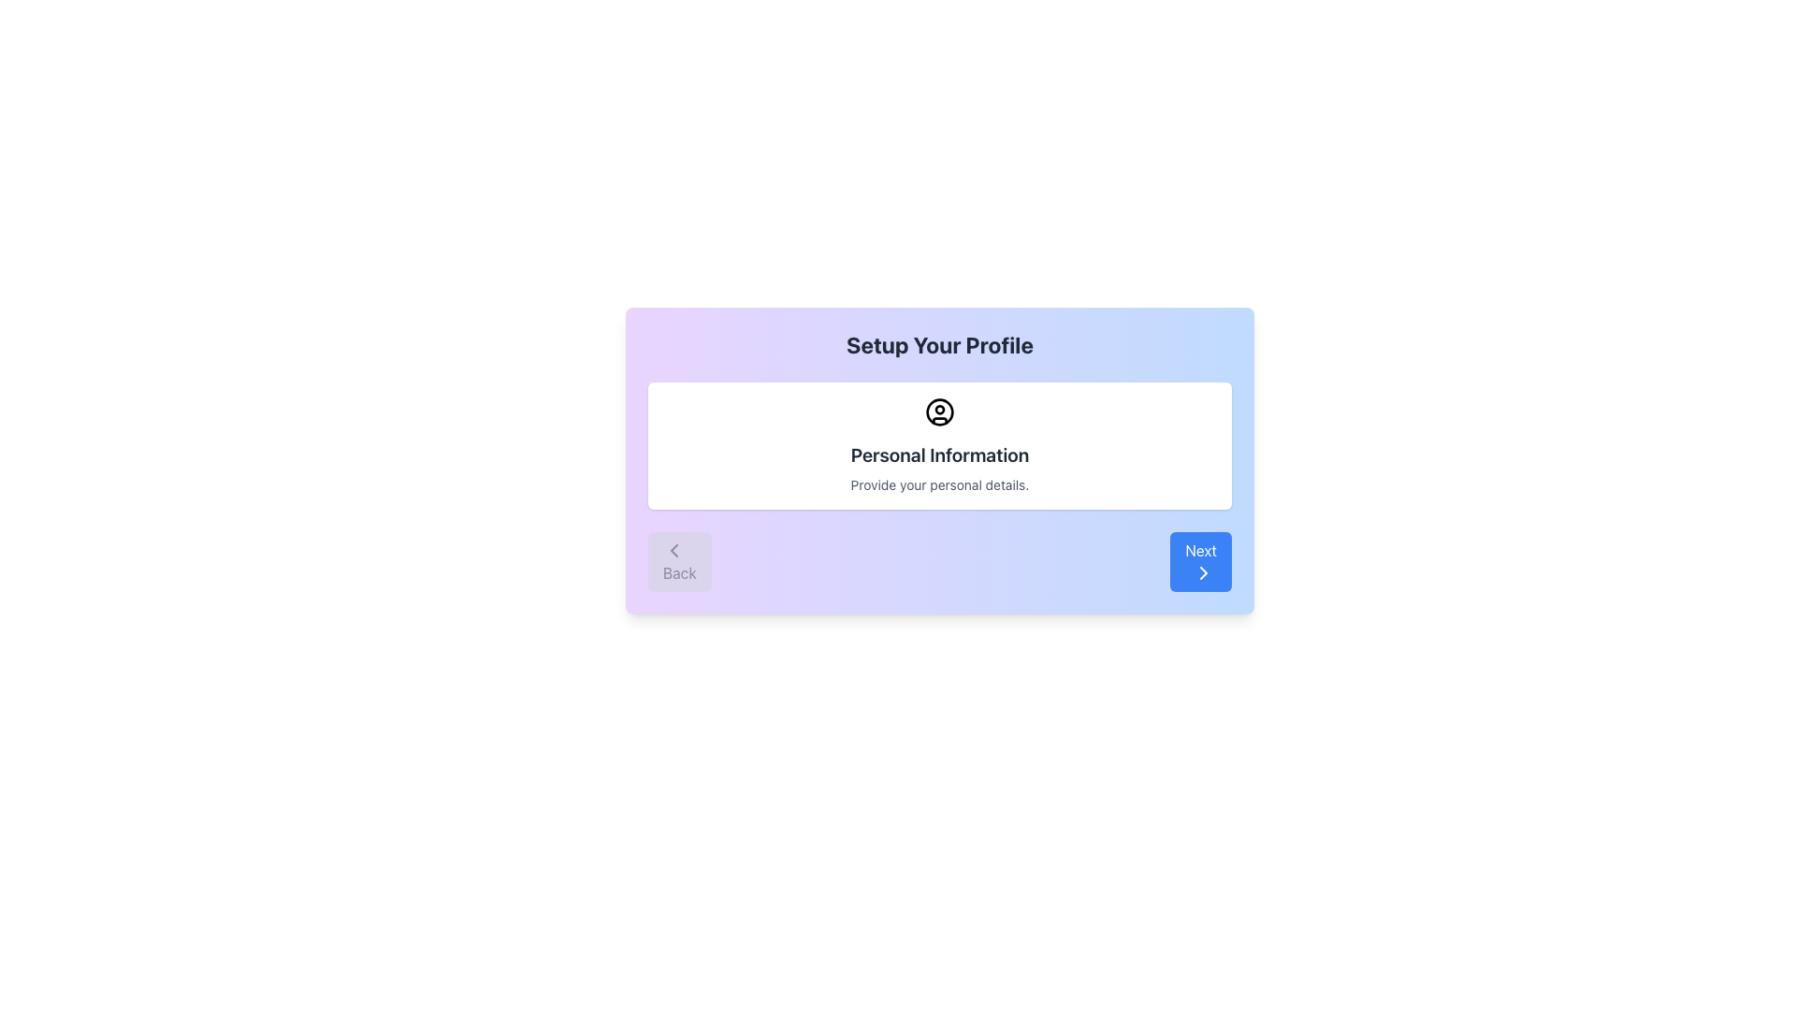 The width and height of the screenshot is (1796, 1010). I want to click on the 'Next' button with a blue background and white text located at the bottom right corner of the card interface, so click(1201, 561).